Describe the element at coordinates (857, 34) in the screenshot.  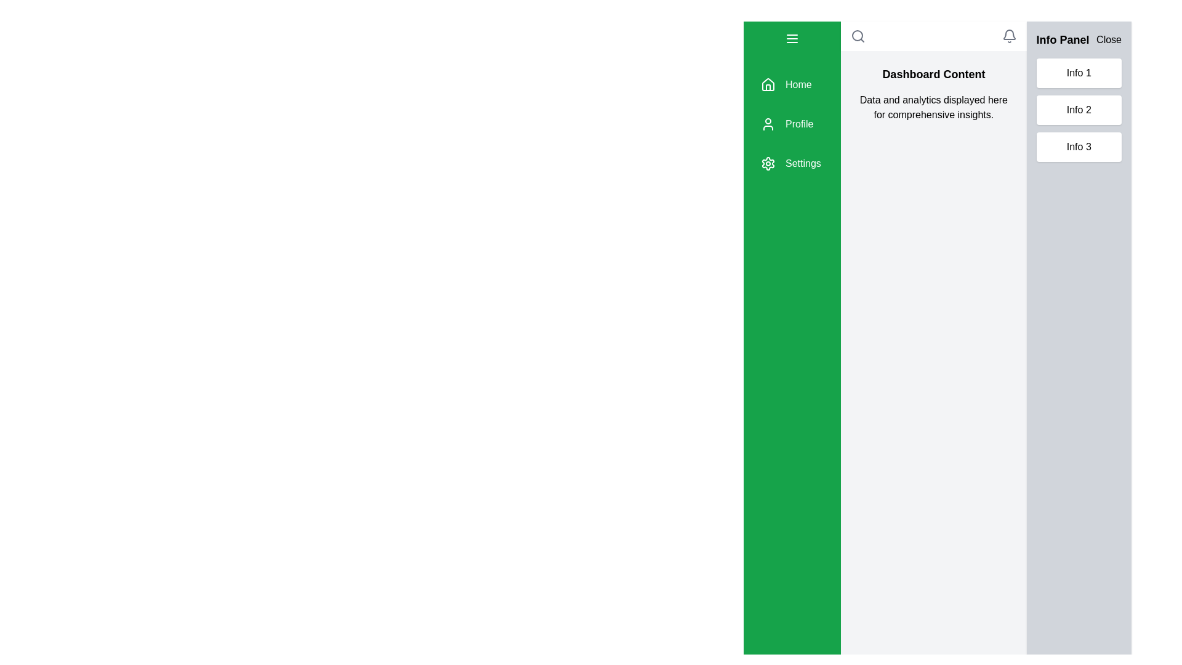
I see `the decorative SVG element representing search functionality located in the upper right part of the interface, adjacent to the title and navigation elements` at that location.